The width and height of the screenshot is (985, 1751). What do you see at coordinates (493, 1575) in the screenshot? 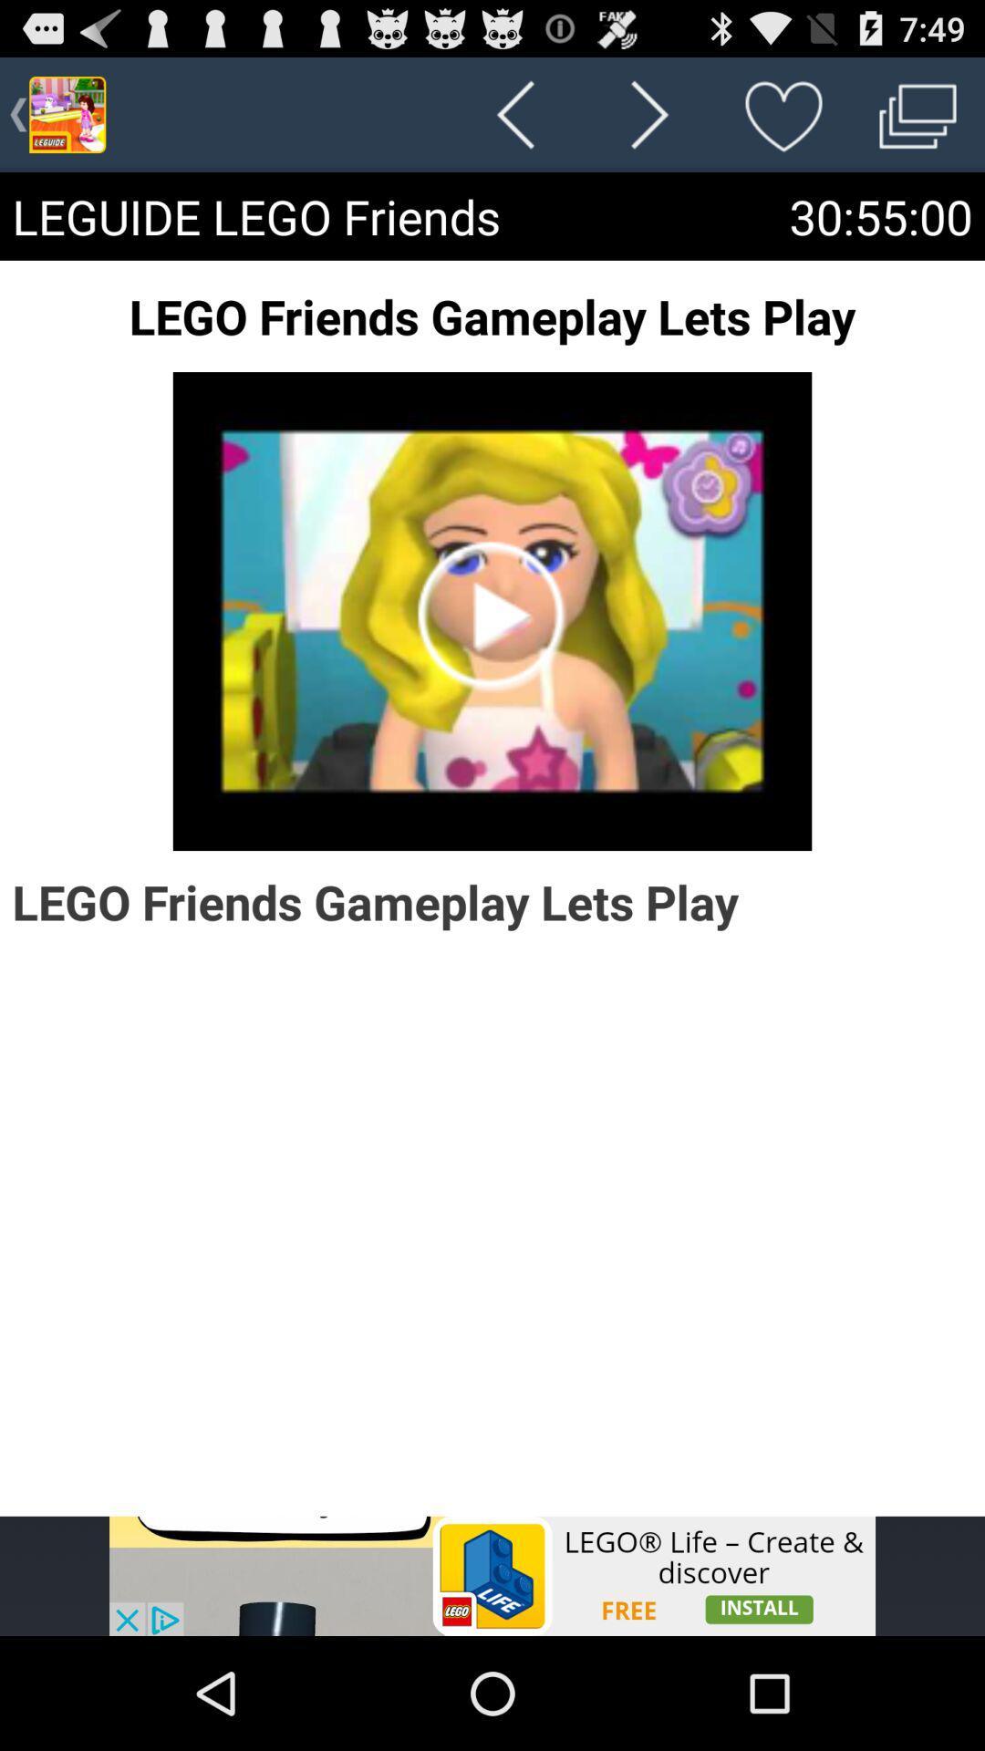
I see `web add` at bounding box center [493, 1575].